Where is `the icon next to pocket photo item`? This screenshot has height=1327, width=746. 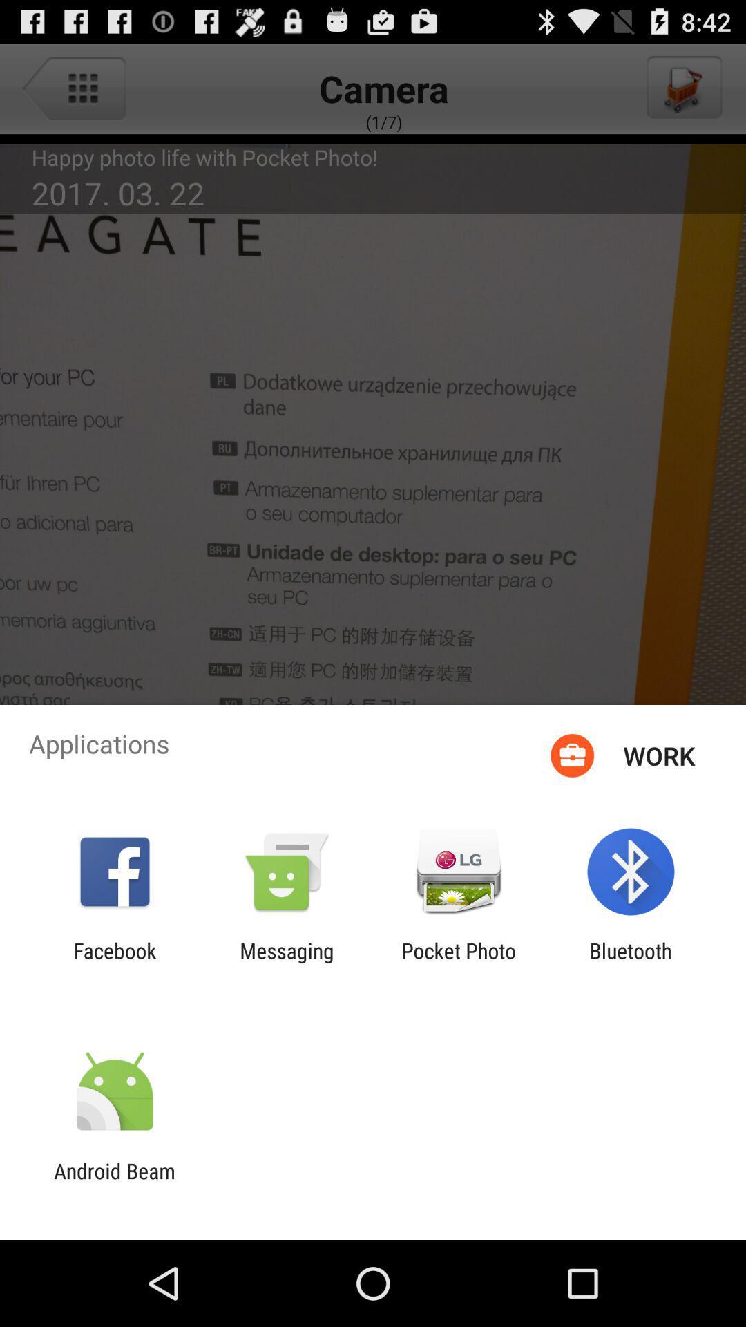 the icon next to pocket photo item is located at coordinates (286, 962).